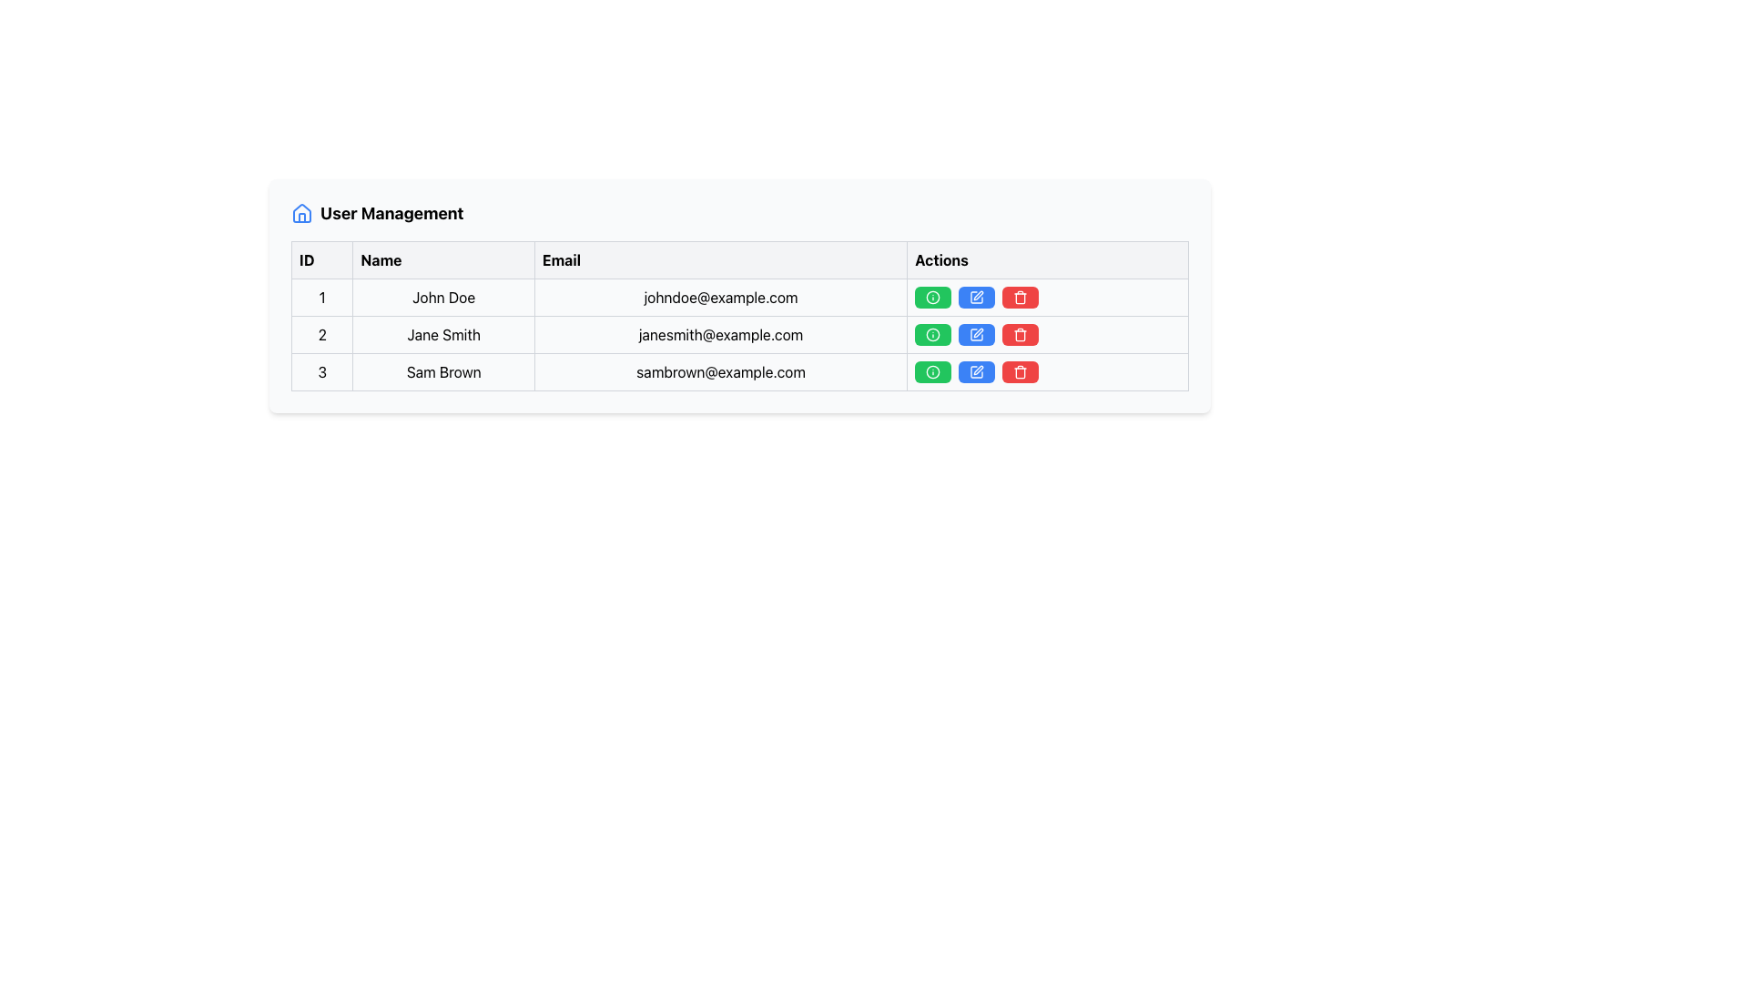 This screenshot has width=1748, height=983. Describe the element at coordinates (720, 370) in the screenshot. I see `the text node displaying the email address 'sambrown@example.com' located in the third row of the table under the 'Email' column` at that location.